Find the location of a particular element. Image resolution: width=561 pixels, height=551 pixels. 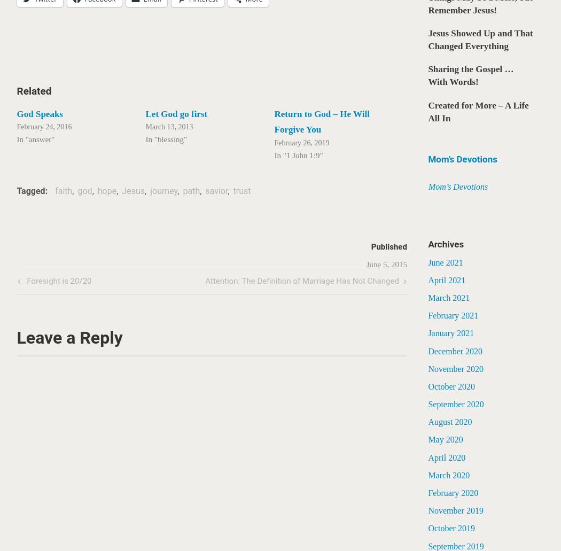

'Related' is located at coordinates (33, 90).